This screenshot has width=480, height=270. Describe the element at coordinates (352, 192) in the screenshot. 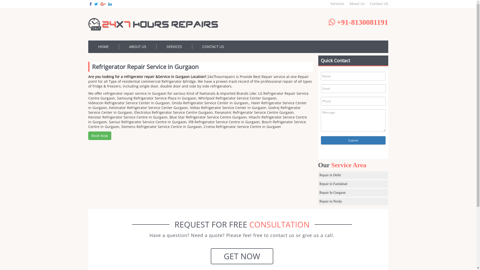

I see `'Repair In Gurgaon'` at that location.